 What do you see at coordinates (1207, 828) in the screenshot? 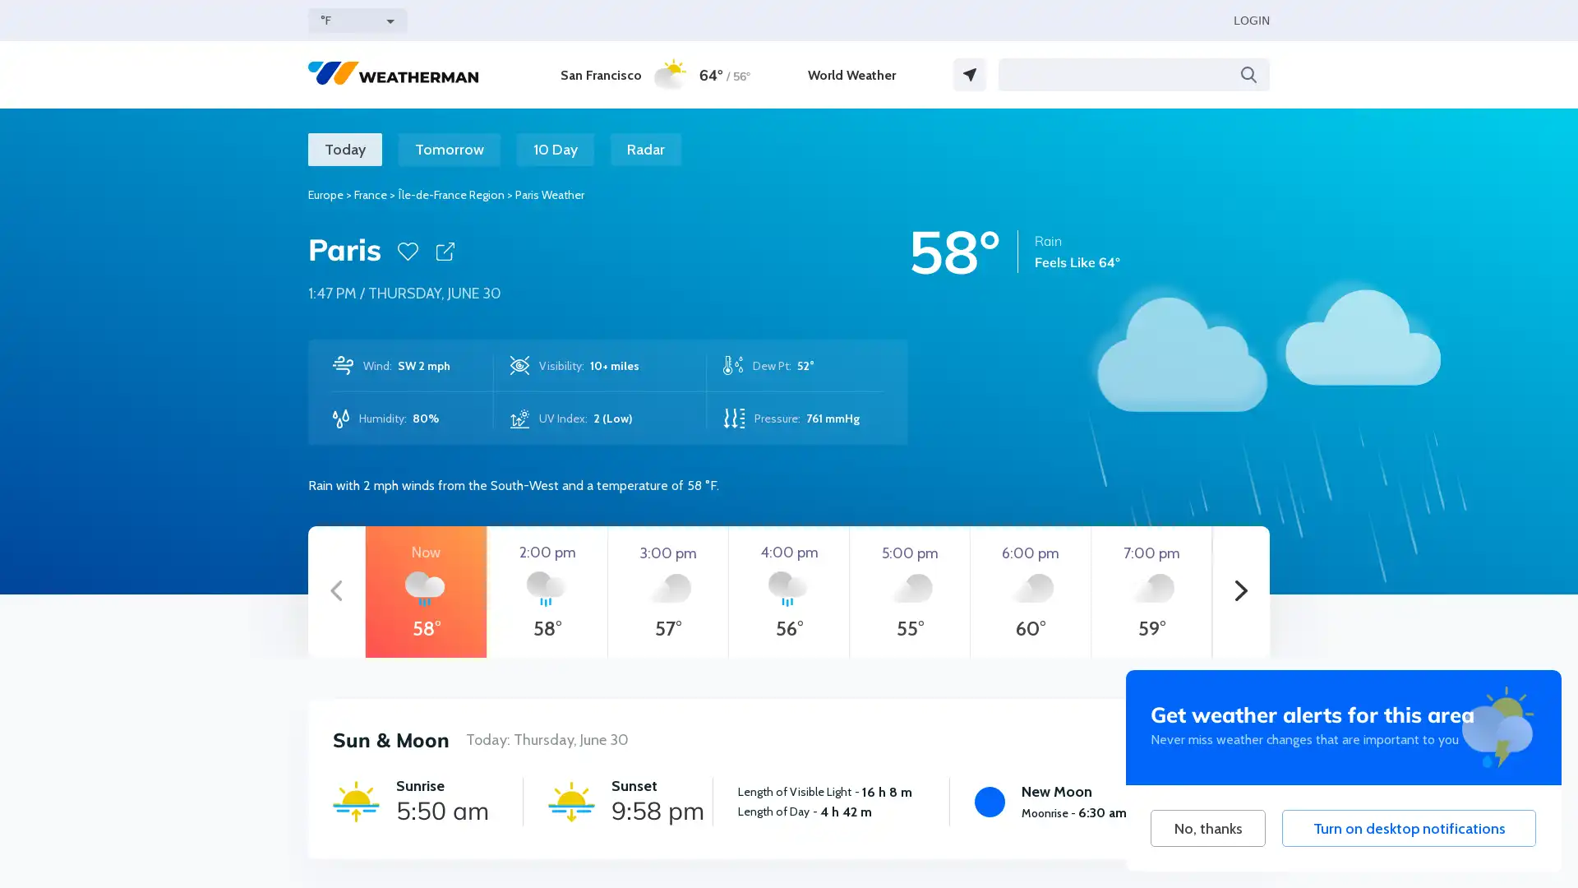
I see `No, thanks` at bounding box center [1207, 828].